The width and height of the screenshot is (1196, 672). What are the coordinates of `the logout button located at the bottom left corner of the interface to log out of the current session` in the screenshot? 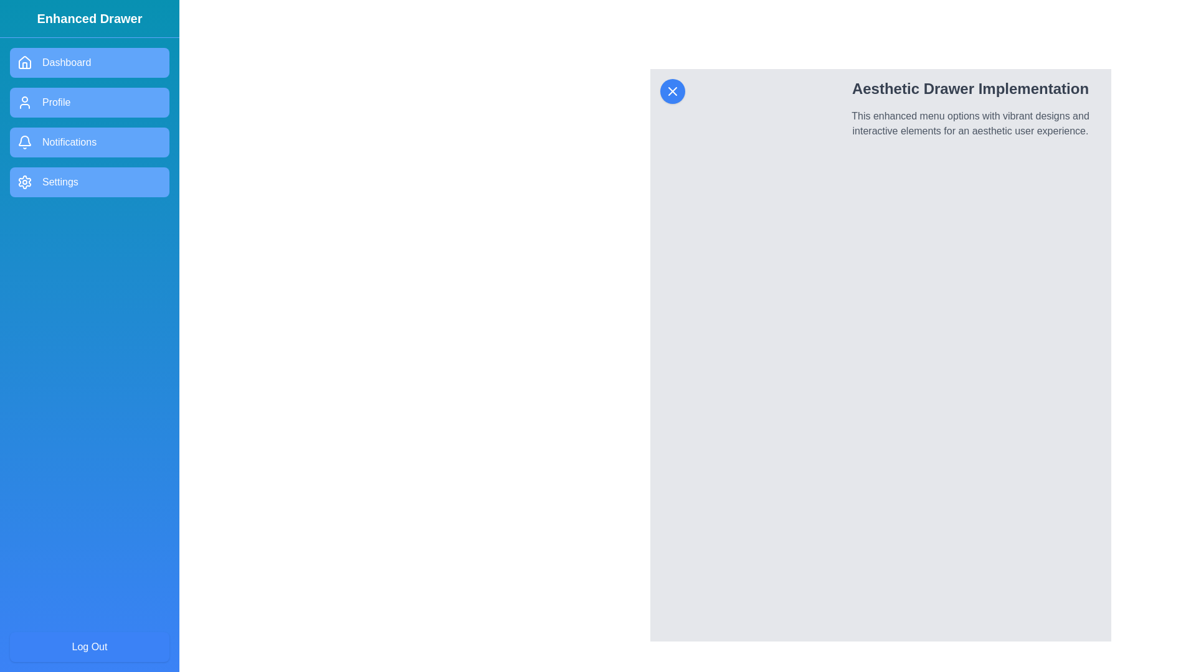 It's located at (89, 646).